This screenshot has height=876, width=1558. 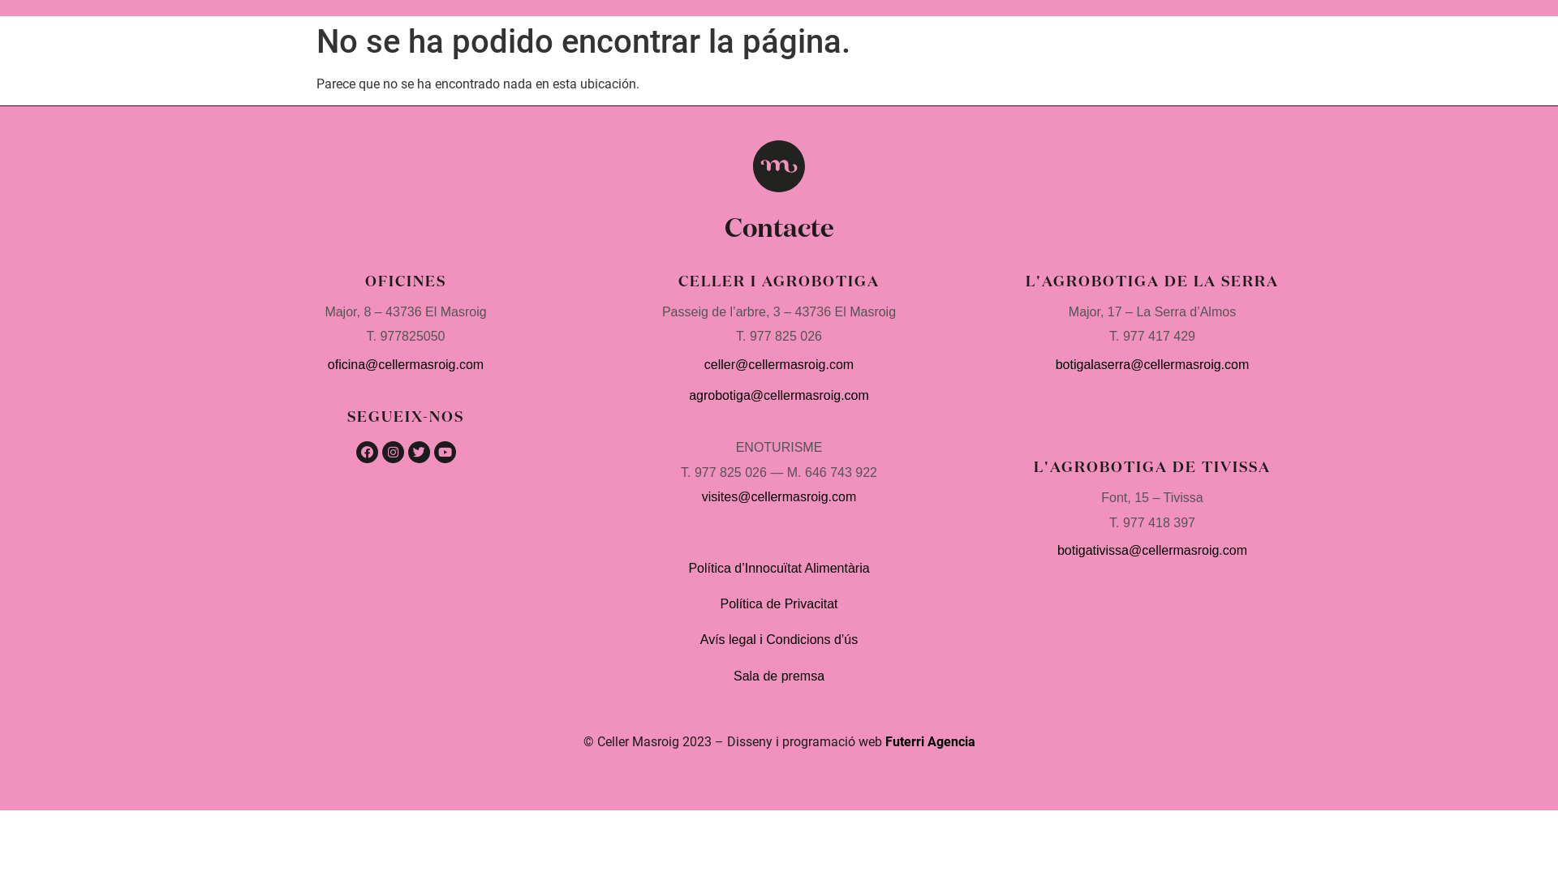 I want to click on '646 743 922', so click(x=841, y=472).